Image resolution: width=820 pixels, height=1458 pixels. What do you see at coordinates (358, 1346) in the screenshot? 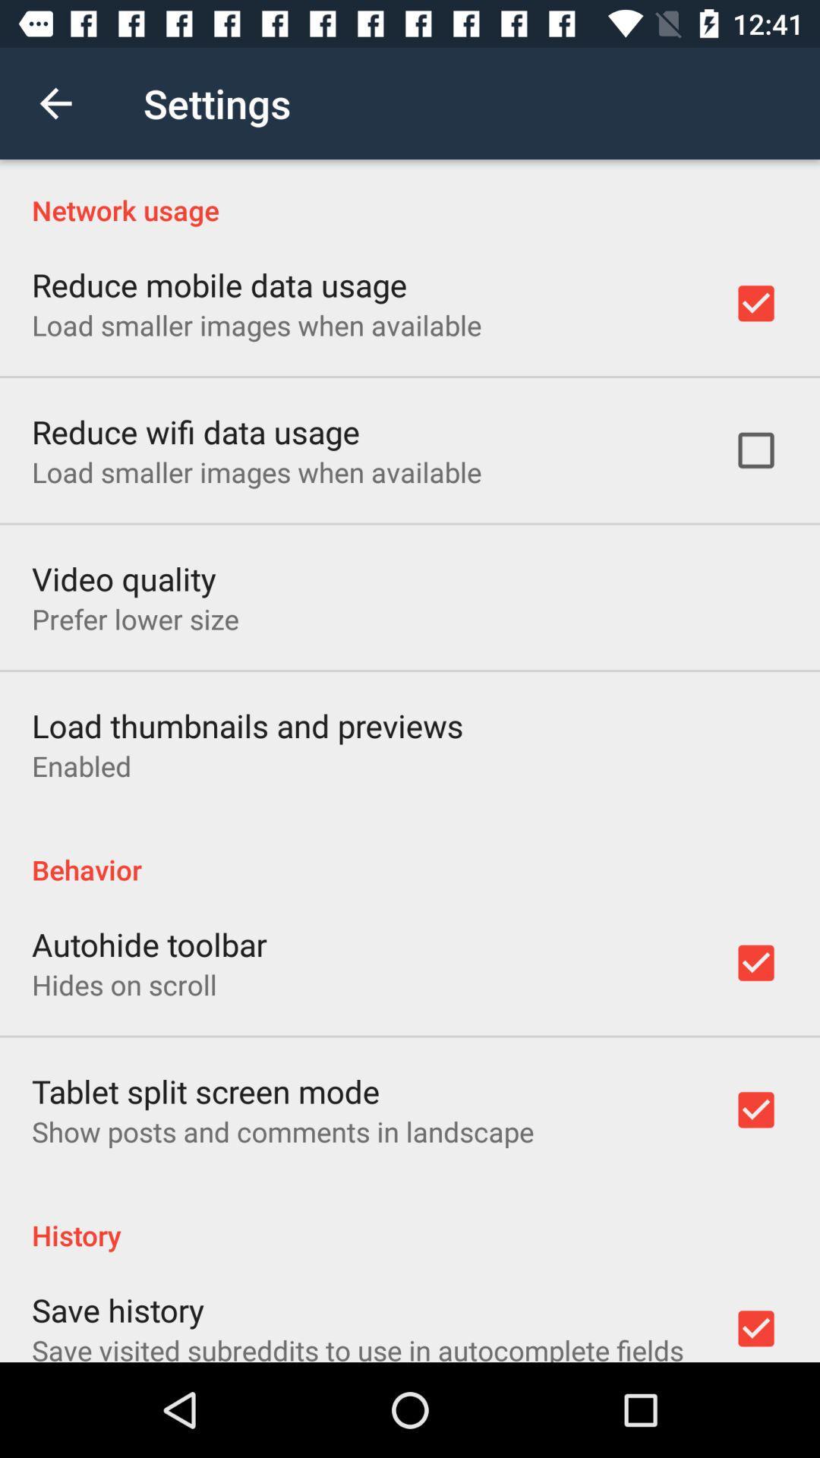
I see `the icon below the save history` at bounding box center [358, 1346].